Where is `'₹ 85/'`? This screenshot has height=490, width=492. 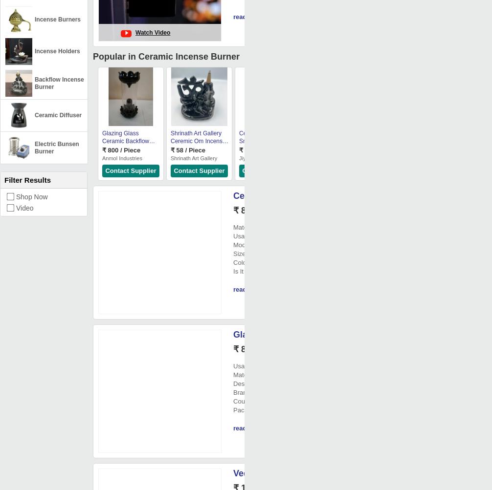 '₹ 85/' is located at coordinates (243, 349).